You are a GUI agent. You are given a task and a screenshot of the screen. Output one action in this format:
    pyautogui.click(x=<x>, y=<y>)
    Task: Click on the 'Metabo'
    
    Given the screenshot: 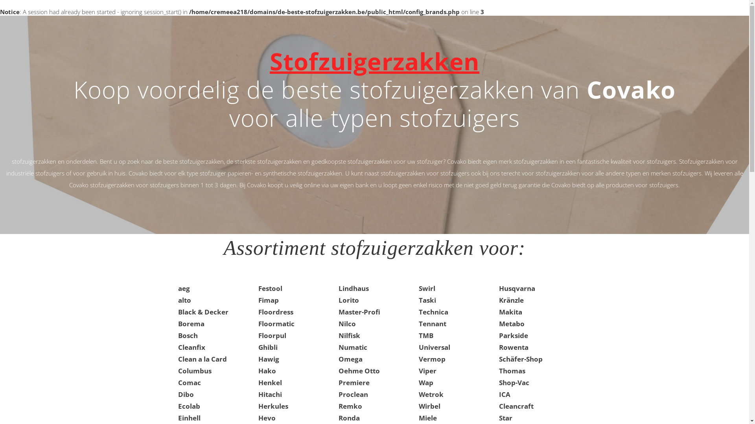 What is the action you would take?
    pyautogui.click(x=511, y=323)
    